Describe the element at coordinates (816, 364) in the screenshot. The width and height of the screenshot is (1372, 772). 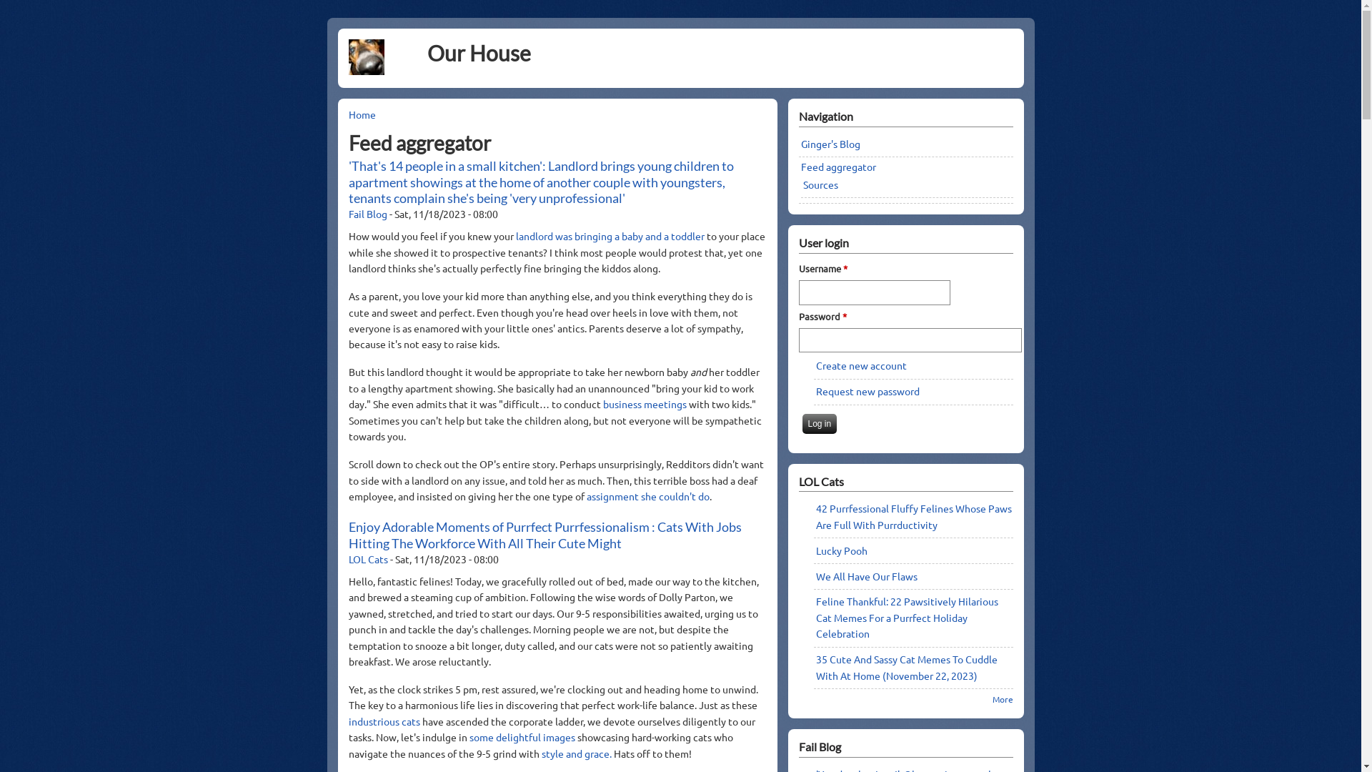
I see `'Create new account'` at that location.